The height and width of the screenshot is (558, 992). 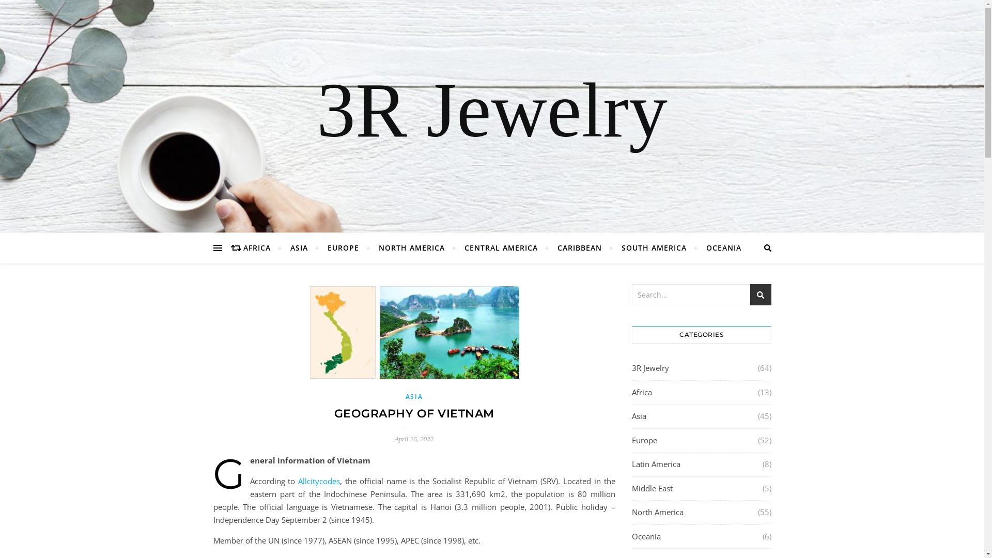 What do you see at coordinates (655, 463) in the screenshot?
I see `'Latin America'` at bounding box center [655, 463].